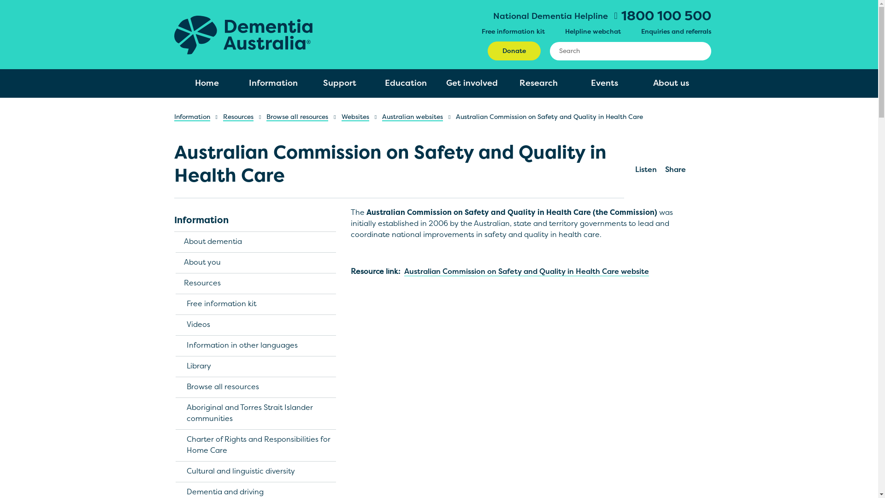 This screenshot has width=885, height=498. Describe the element at coordinates (538, 83) in the screenshot. I see `'Research'` at that location.